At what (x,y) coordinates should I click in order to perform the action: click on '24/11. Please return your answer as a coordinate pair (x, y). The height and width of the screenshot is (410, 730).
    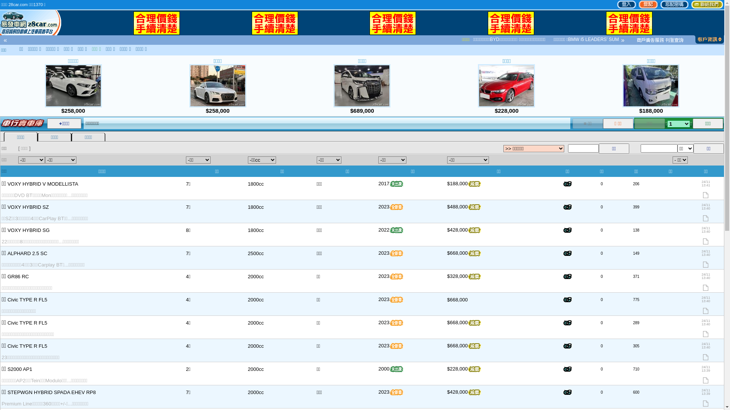
    Looking at the image, I should click on (688, 373).